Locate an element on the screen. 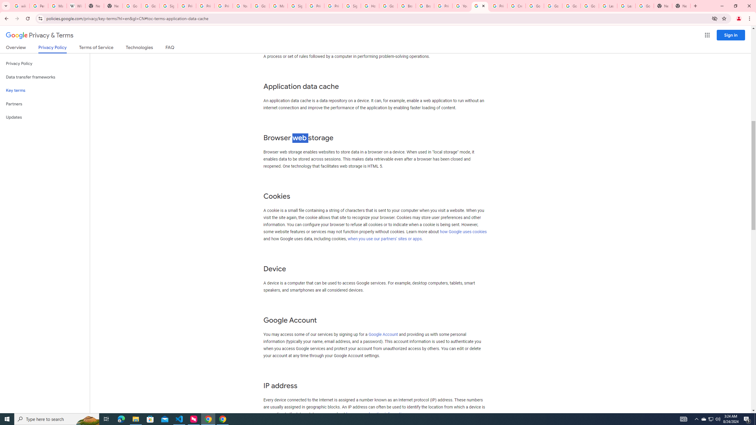 This screenshot has height=425, width=756. 'New Tab' is located at coordinates (663, 6).